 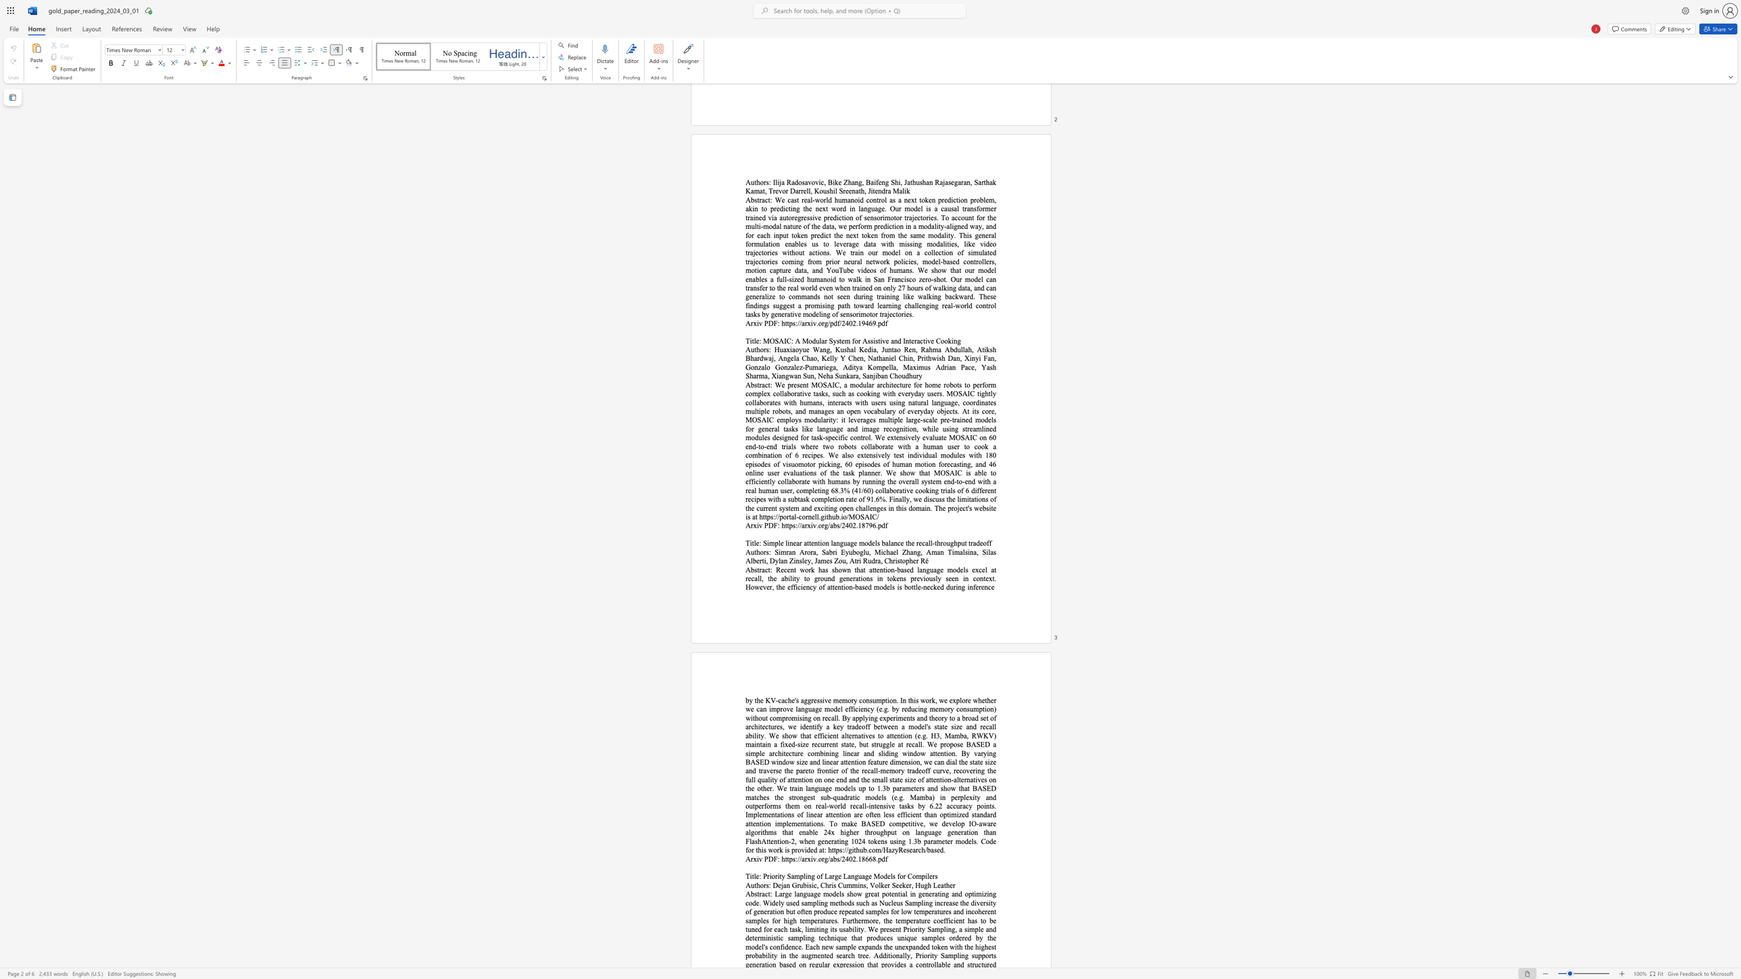 What do you see at coordinates (932, 543) in the screenshot?
I see `the subset text "-throu" within the text "Simple linear attention language models balance the recall-throughput tradeoff"` at bounding box center [932, 543].